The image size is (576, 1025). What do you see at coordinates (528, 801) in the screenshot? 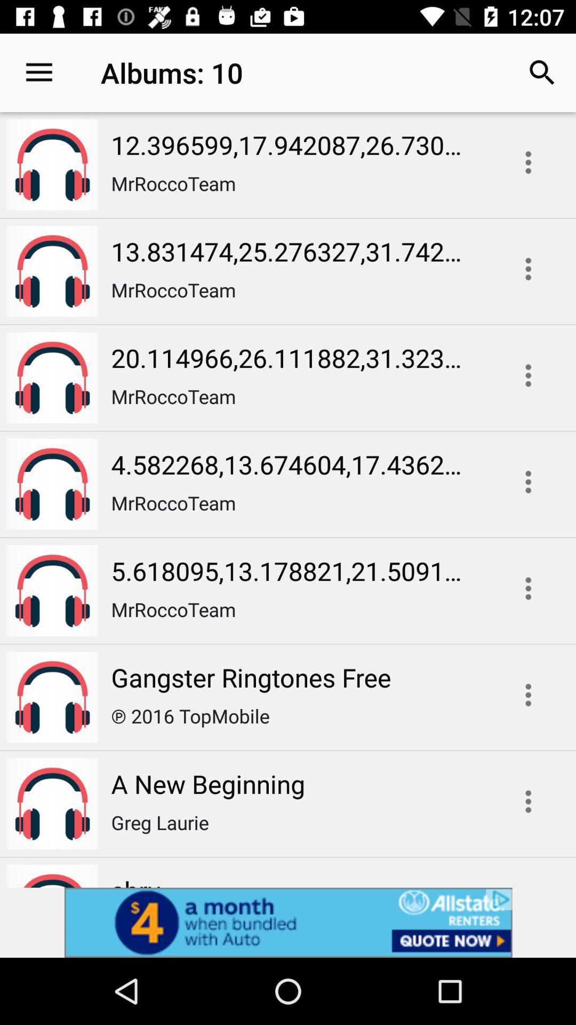
I see `more options` at bounding box center [528, 801].